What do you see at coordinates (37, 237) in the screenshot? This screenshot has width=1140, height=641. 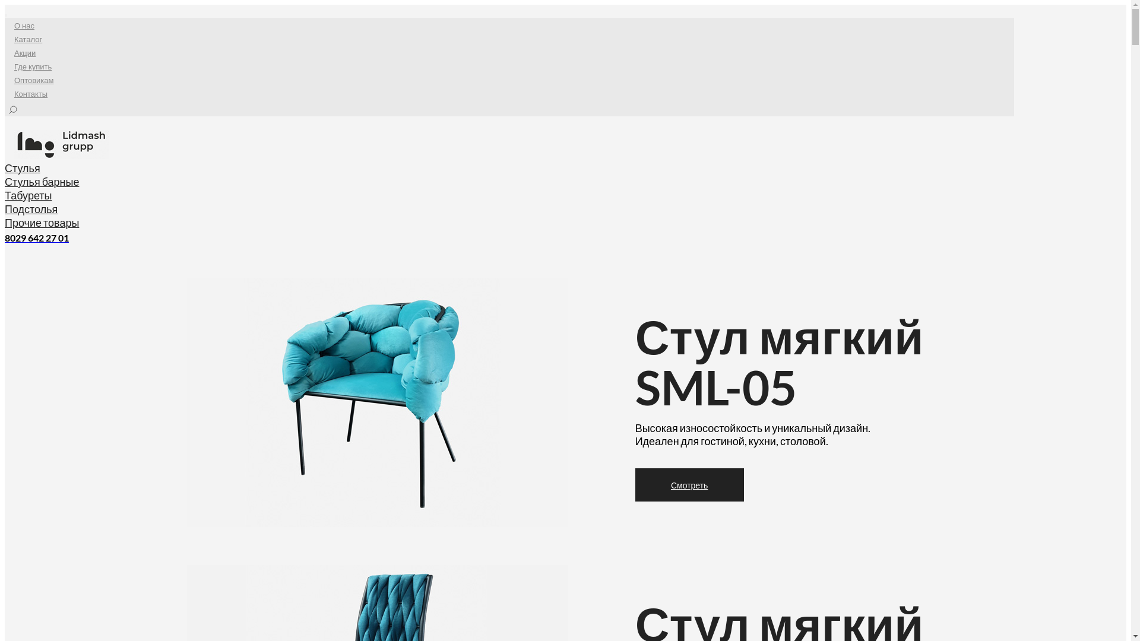 I see `'8029 642 27 01'` at bounding box center [37, 237].